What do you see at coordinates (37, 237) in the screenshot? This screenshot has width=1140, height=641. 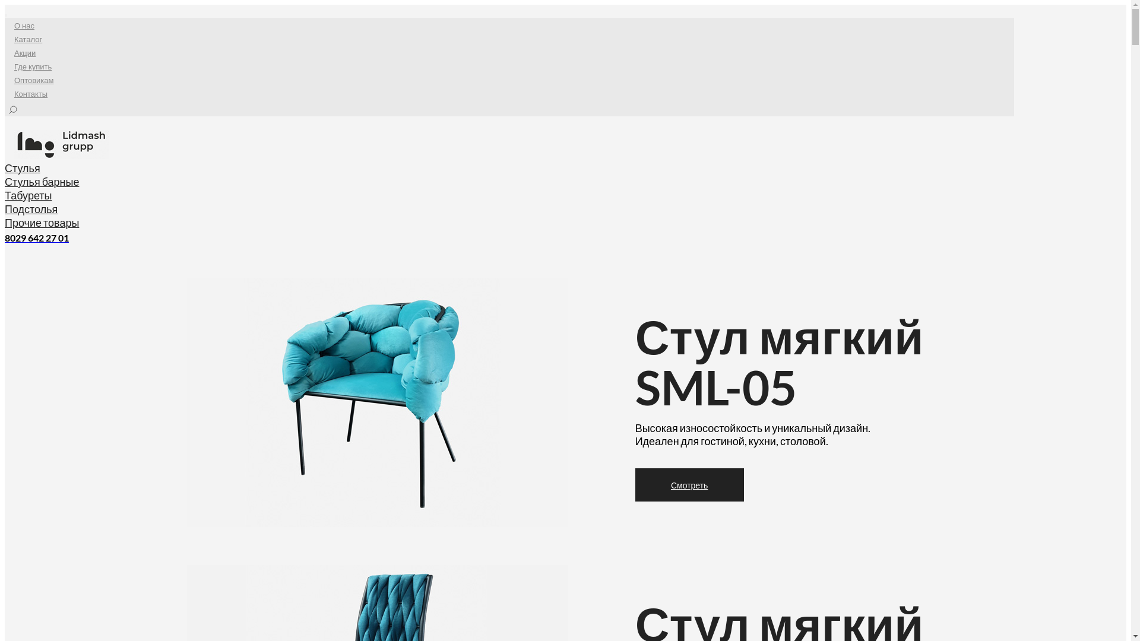 I see `'8029 642 27 01'` at bounding box center [37, 237].